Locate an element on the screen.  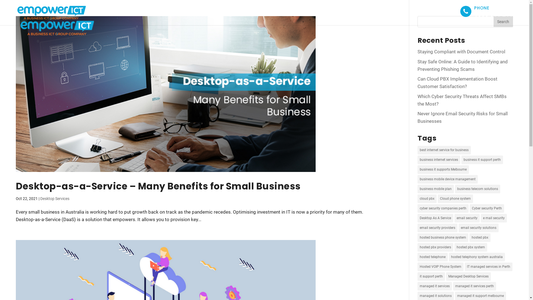
'1300 850 210' is located at coordinates (493, 14).